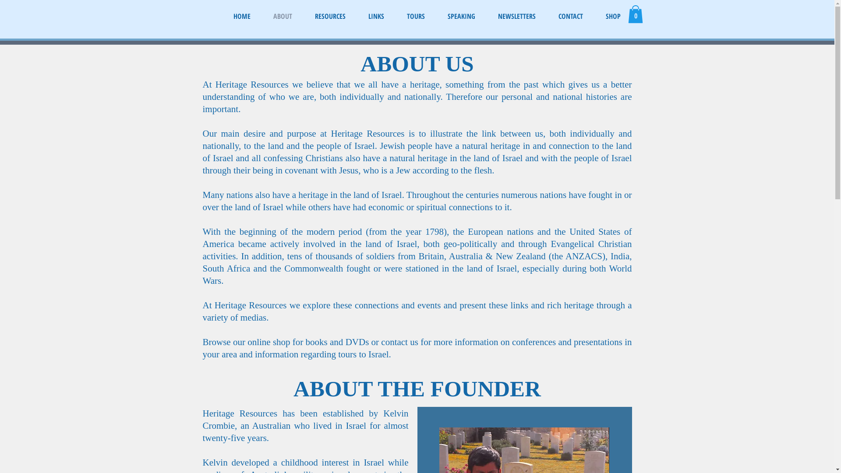  What do you see at coordinates (635, 14) in the screenshot?
I see `'0'` at bounding box center [635, 14].